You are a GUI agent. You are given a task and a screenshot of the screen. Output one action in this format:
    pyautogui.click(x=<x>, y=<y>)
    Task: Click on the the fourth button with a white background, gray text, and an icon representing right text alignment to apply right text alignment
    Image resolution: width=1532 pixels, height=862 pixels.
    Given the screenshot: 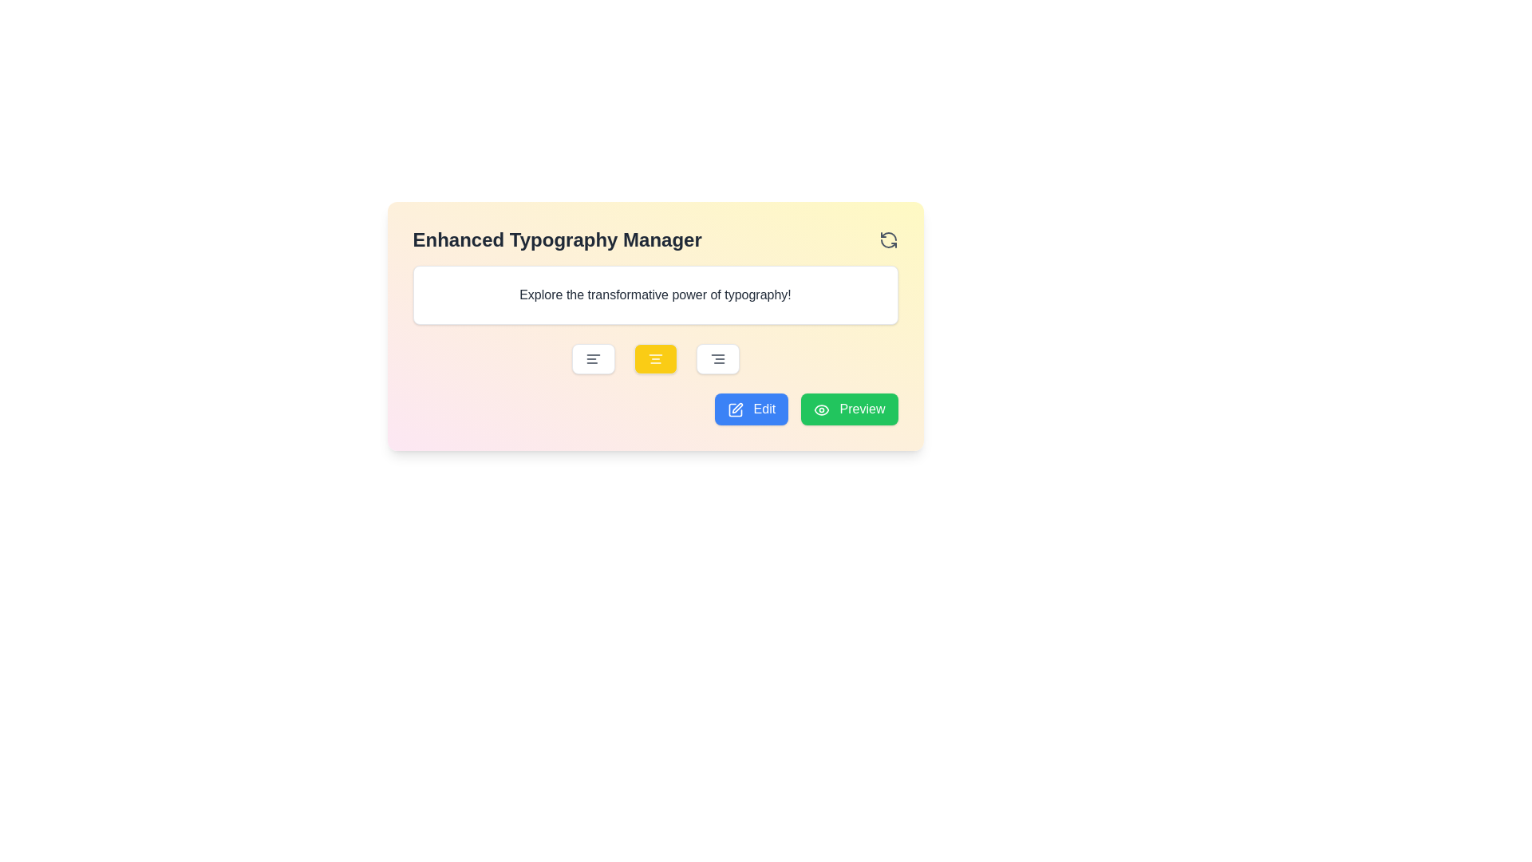 What is the action you would take?
    pyautogui.click(x=717, y=359)
    